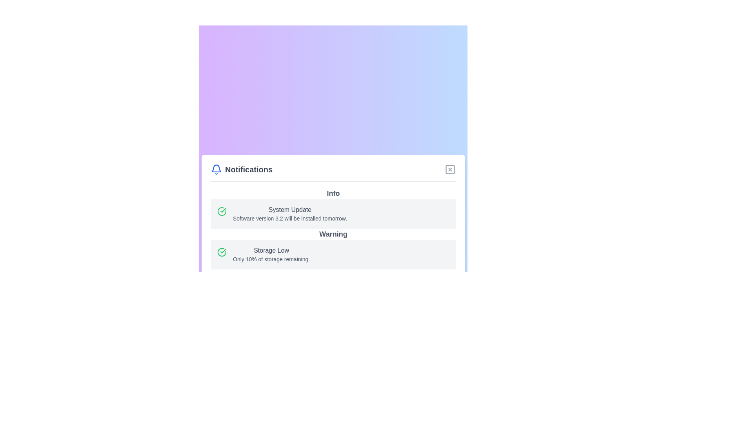 Image resolution: width=753 pixels, height=423 pixels. What do you see at coordinates (333, 233) in the screenshot?
I see `the 'Warning' text label in the notification panel, which serves as a heading indicating a warning-related section` at bounding box center [333, 233].